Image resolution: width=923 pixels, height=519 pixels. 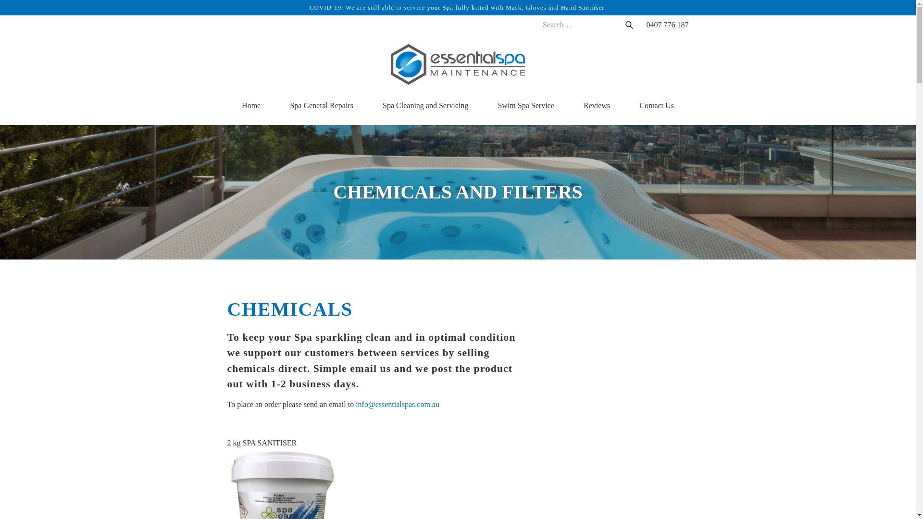 I want to click on 'Search', so click(x=628, y=24).